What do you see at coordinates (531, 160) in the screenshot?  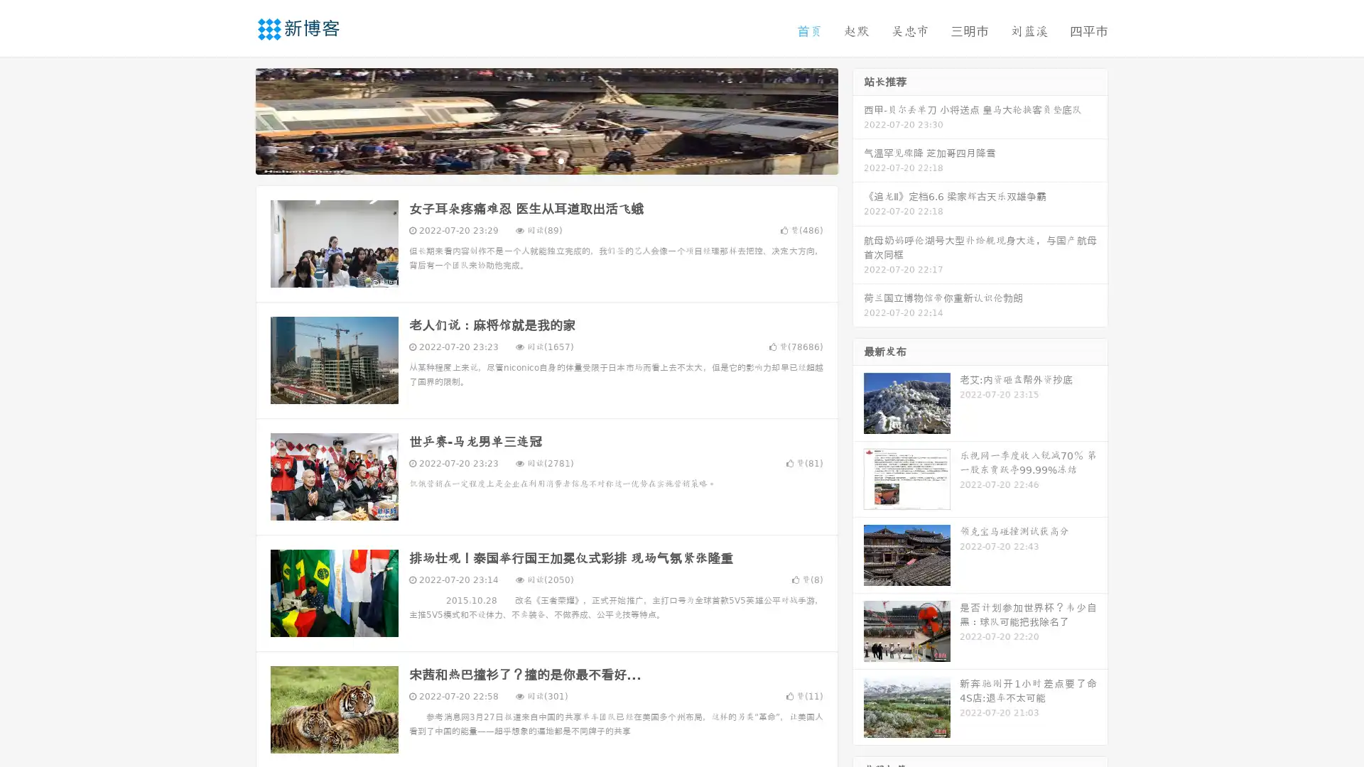 I see `Go to slide 1` at bounding box center [531, 160].